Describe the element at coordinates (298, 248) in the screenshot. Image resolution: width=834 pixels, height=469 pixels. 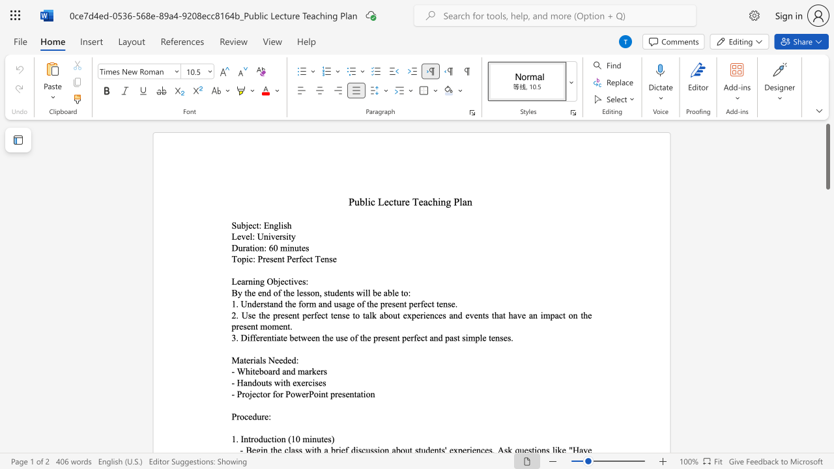
I see `the space between the continuous character "u" and "t" in the text` at that location.